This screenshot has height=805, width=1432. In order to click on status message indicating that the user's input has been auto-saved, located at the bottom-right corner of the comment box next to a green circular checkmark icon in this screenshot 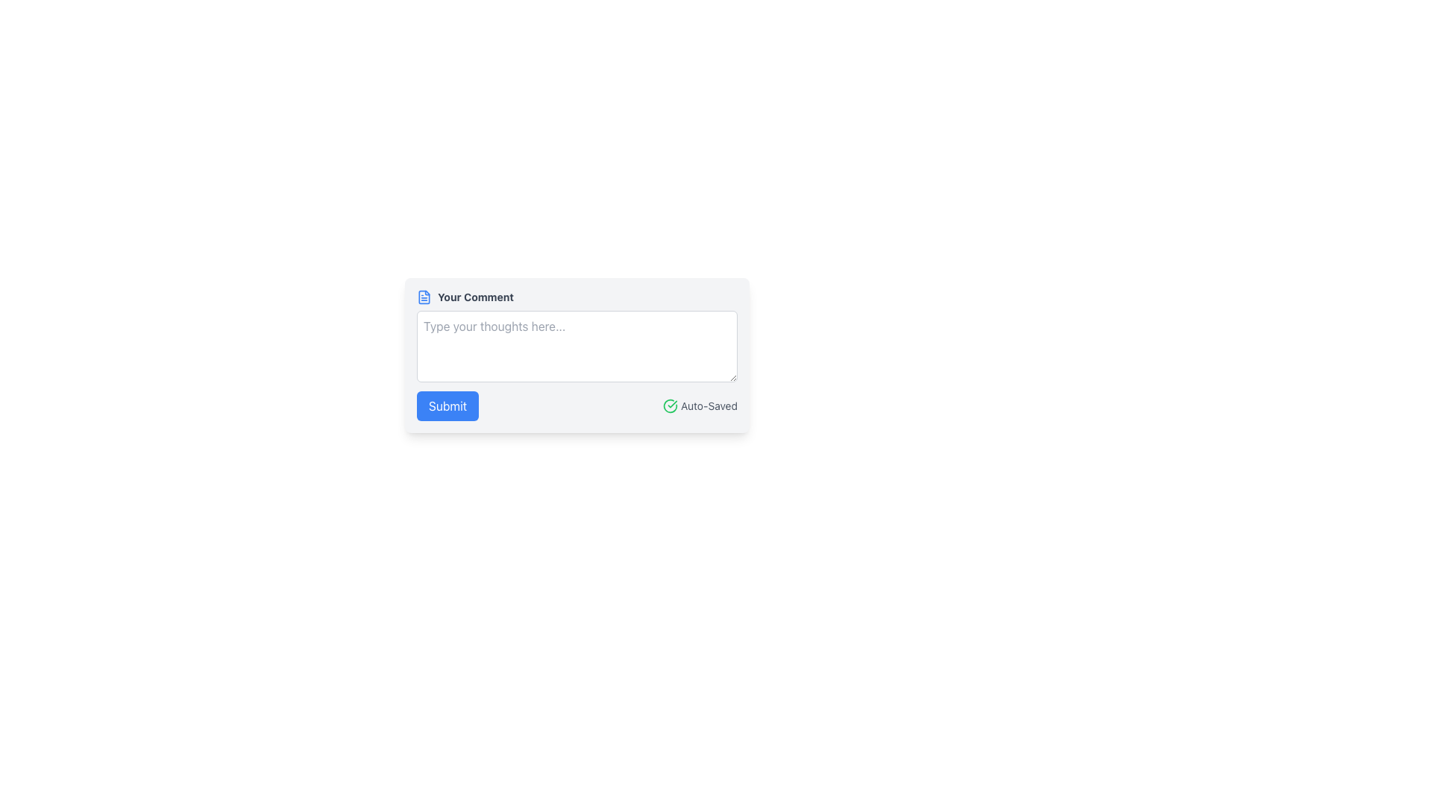, I will do `click(708, 405)`.